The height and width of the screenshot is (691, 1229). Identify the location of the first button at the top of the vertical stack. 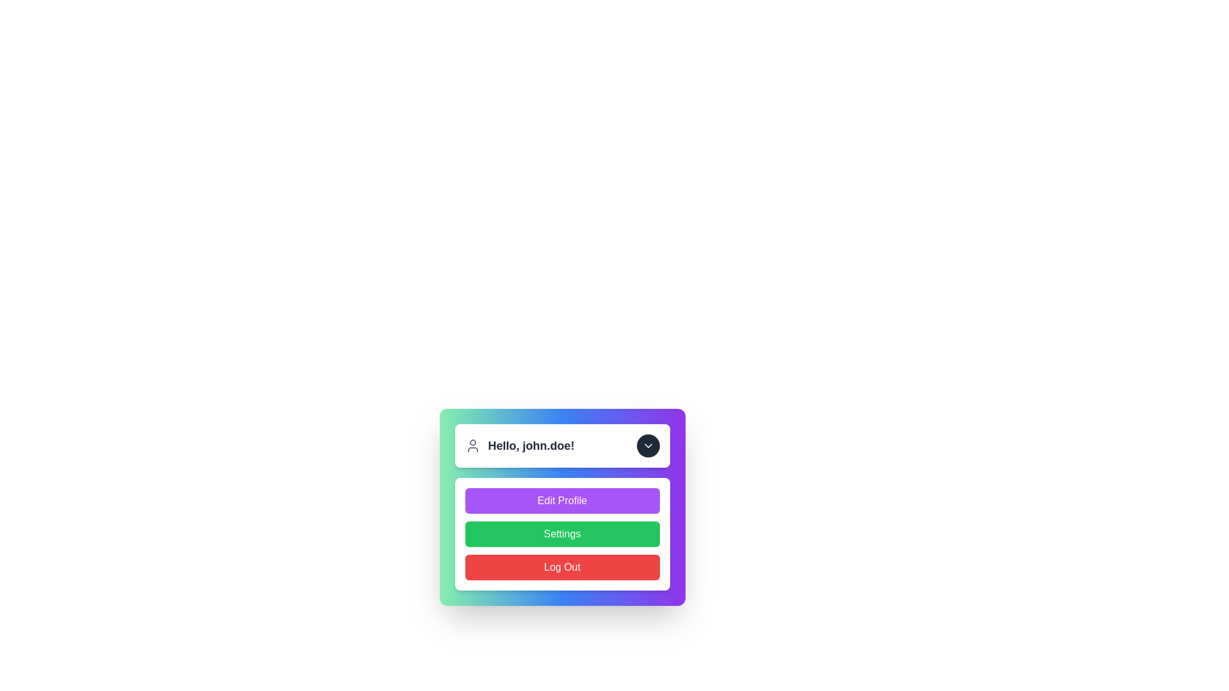
(562, 500).